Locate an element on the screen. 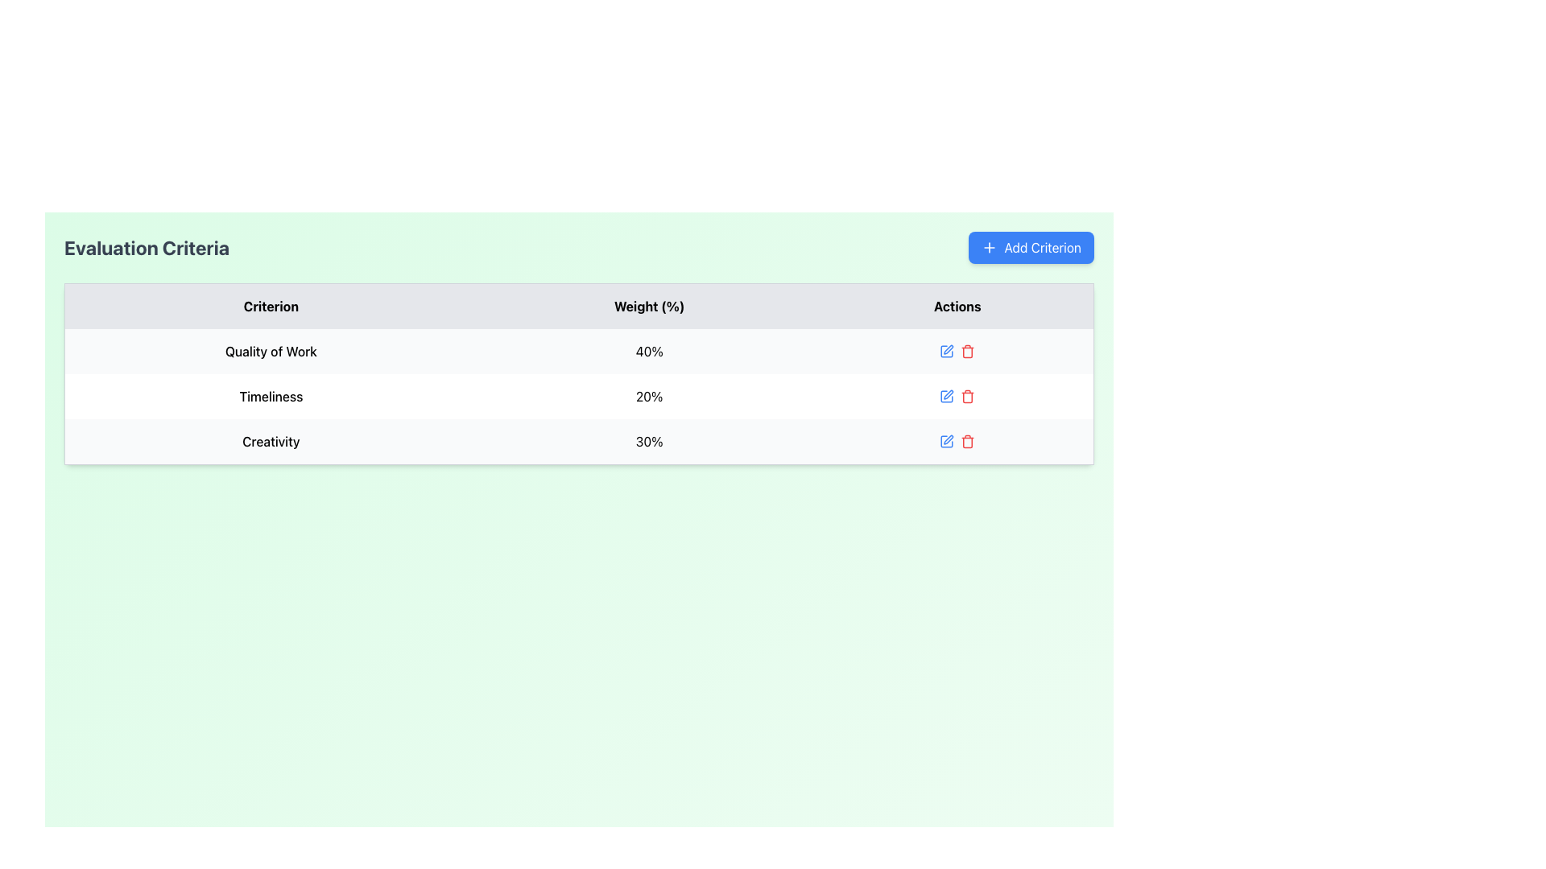  the delete icon located in the action cell of the 'Actions' column for the 'Creativity' criterion with a percentage value of 30% is located at coordinates (957, 442).